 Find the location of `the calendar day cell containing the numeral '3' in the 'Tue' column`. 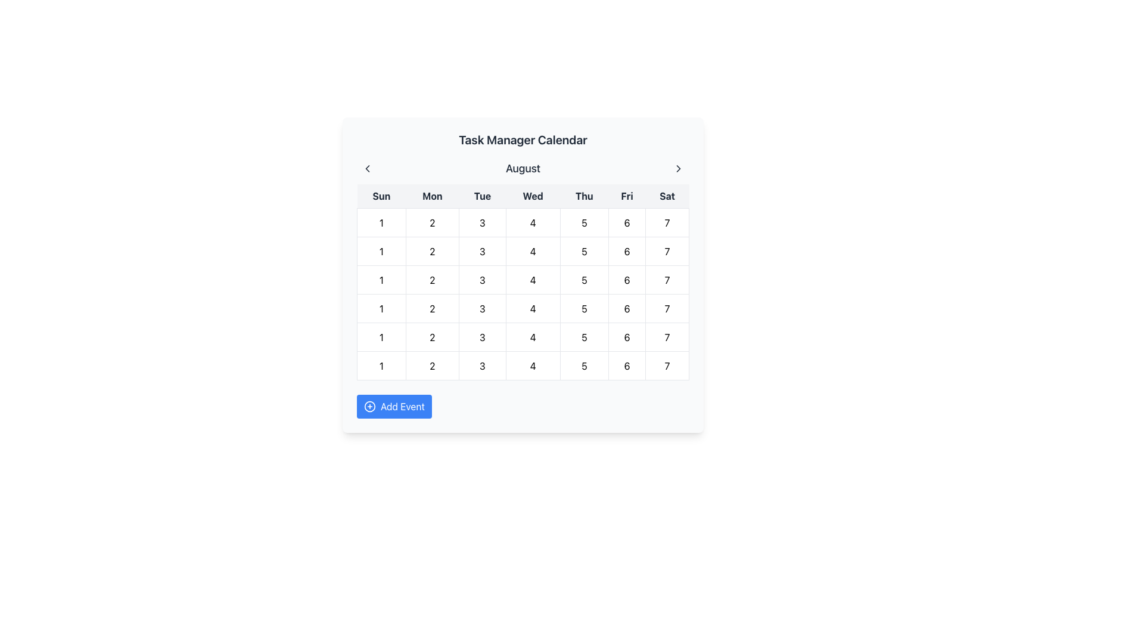

the calendar day cell containing the numeral '3' in the 'Tue' column is located at coordinates (482, 222).